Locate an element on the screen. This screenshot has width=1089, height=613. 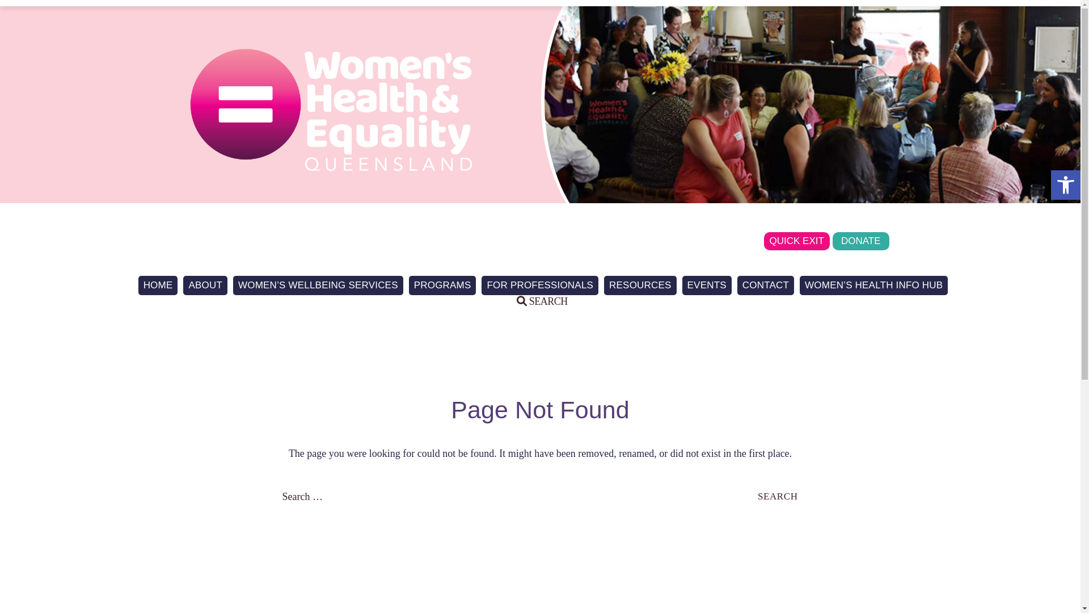
'SEARCH' is located at coordinates (541, 301).